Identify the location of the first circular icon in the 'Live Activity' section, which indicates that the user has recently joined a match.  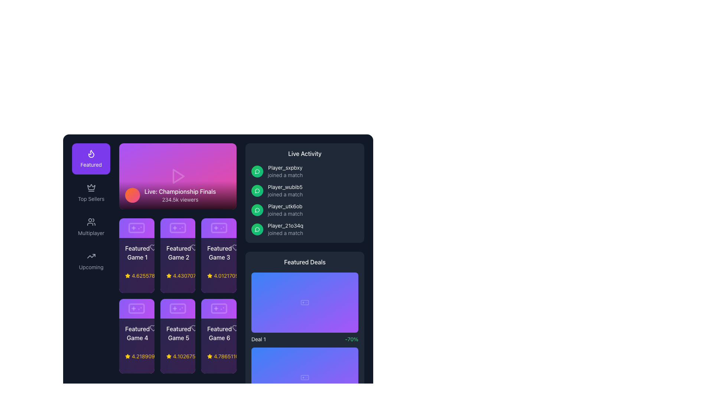
(257, 172).